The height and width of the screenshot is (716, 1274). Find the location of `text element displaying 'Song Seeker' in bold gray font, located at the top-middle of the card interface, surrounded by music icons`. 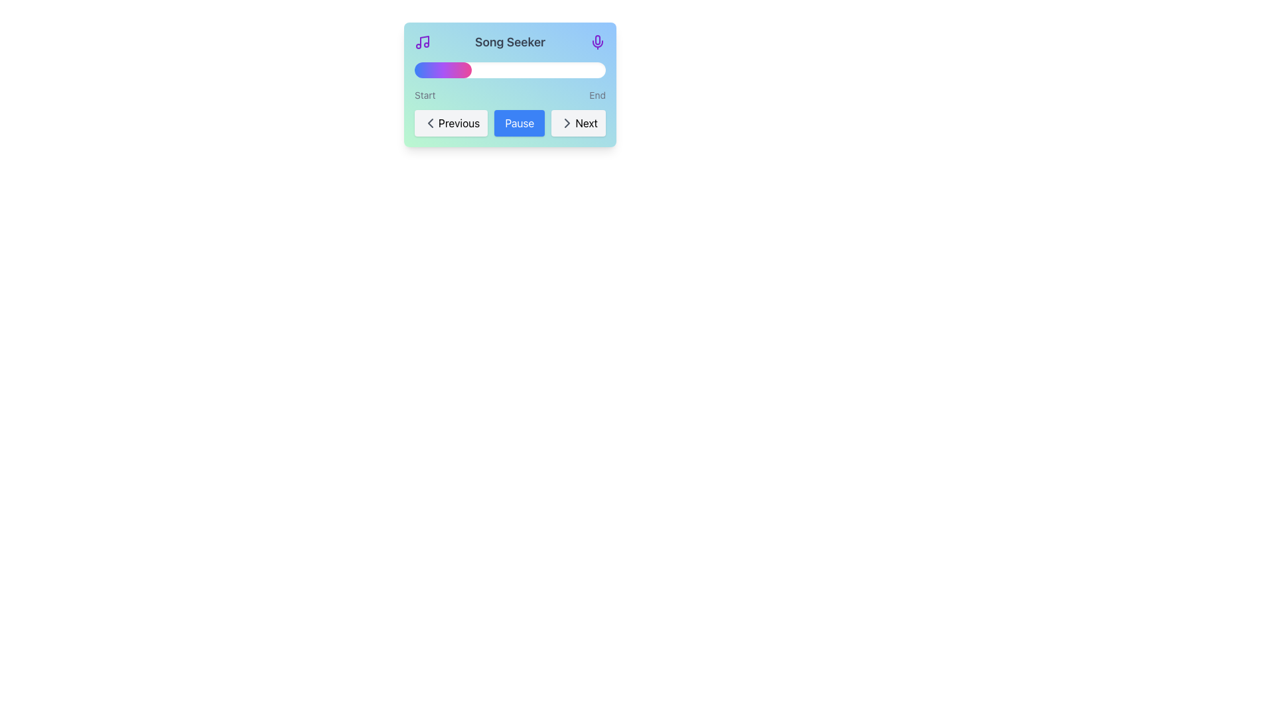

text element displaying 'Song Seeker' in bold gray font, located at the top-middle of the card interface, surrounded by music icons is located at coordinates (509, 42).